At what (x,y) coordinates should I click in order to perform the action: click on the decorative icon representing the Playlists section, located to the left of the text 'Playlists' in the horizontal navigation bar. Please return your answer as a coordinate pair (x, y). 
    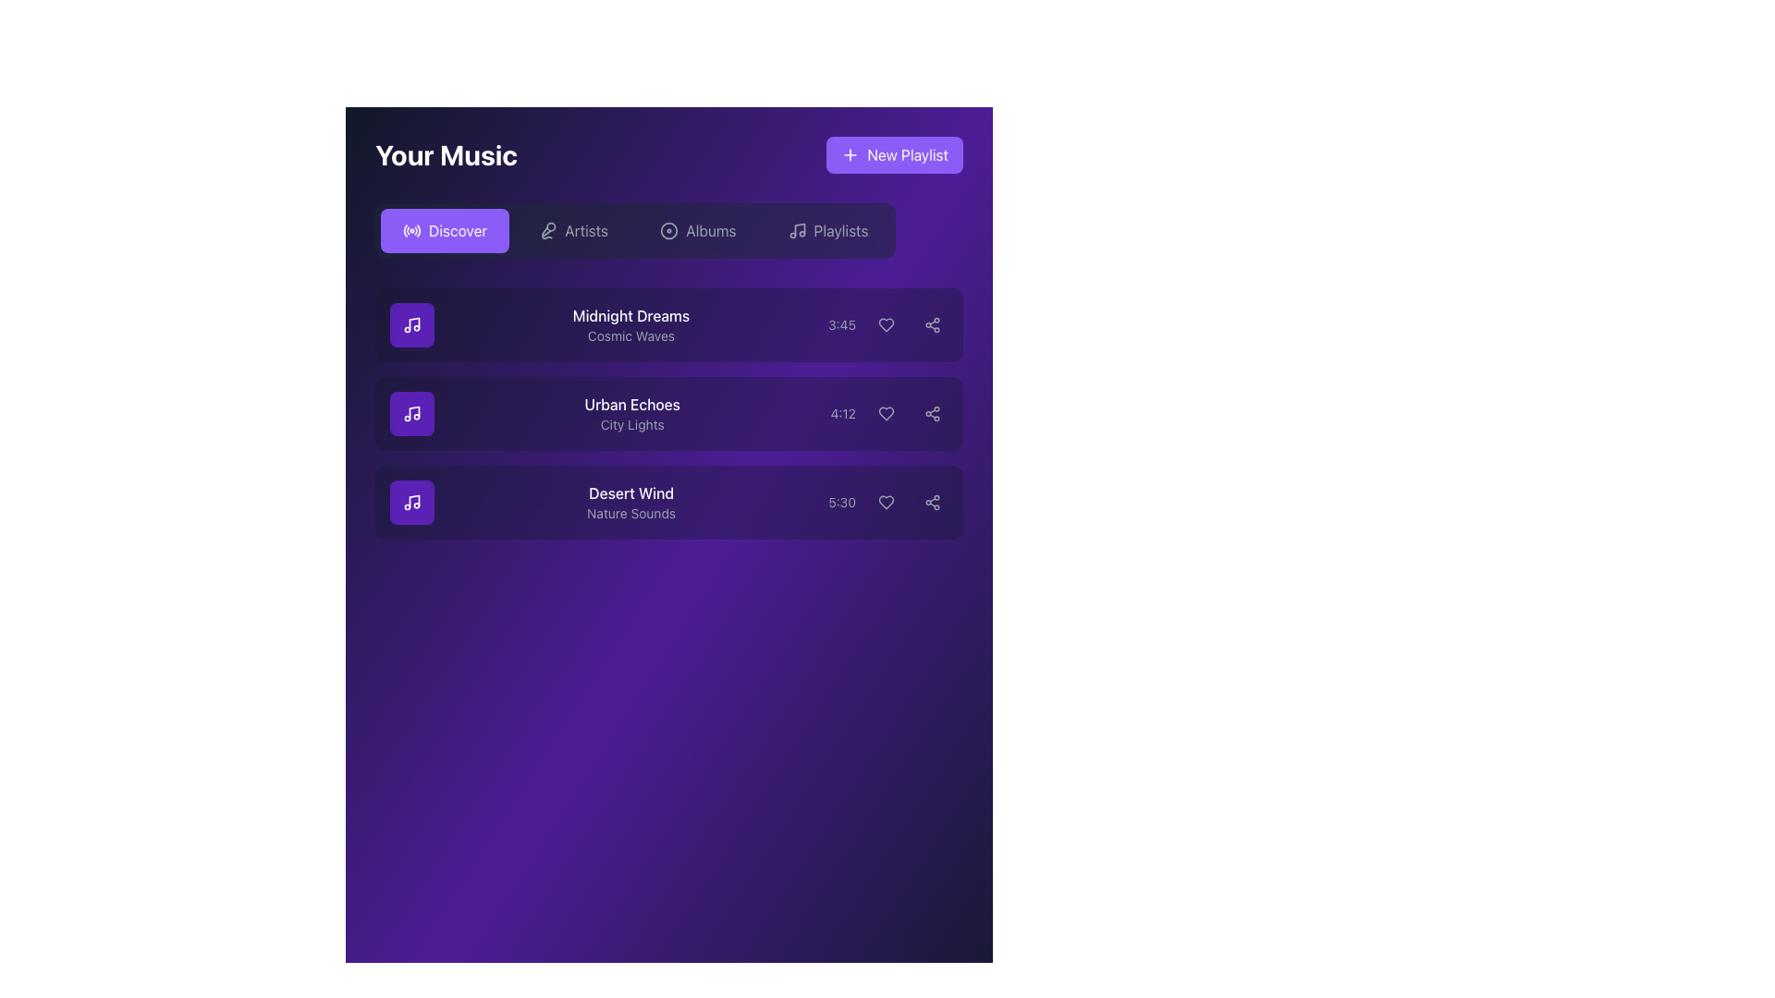
    Looking at the image, I should click on (797, 230).